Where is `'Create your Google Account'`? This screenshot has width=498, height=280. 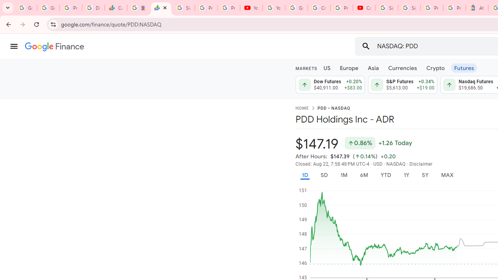 'Create your Google Account' is located at coordinates (319, 8).